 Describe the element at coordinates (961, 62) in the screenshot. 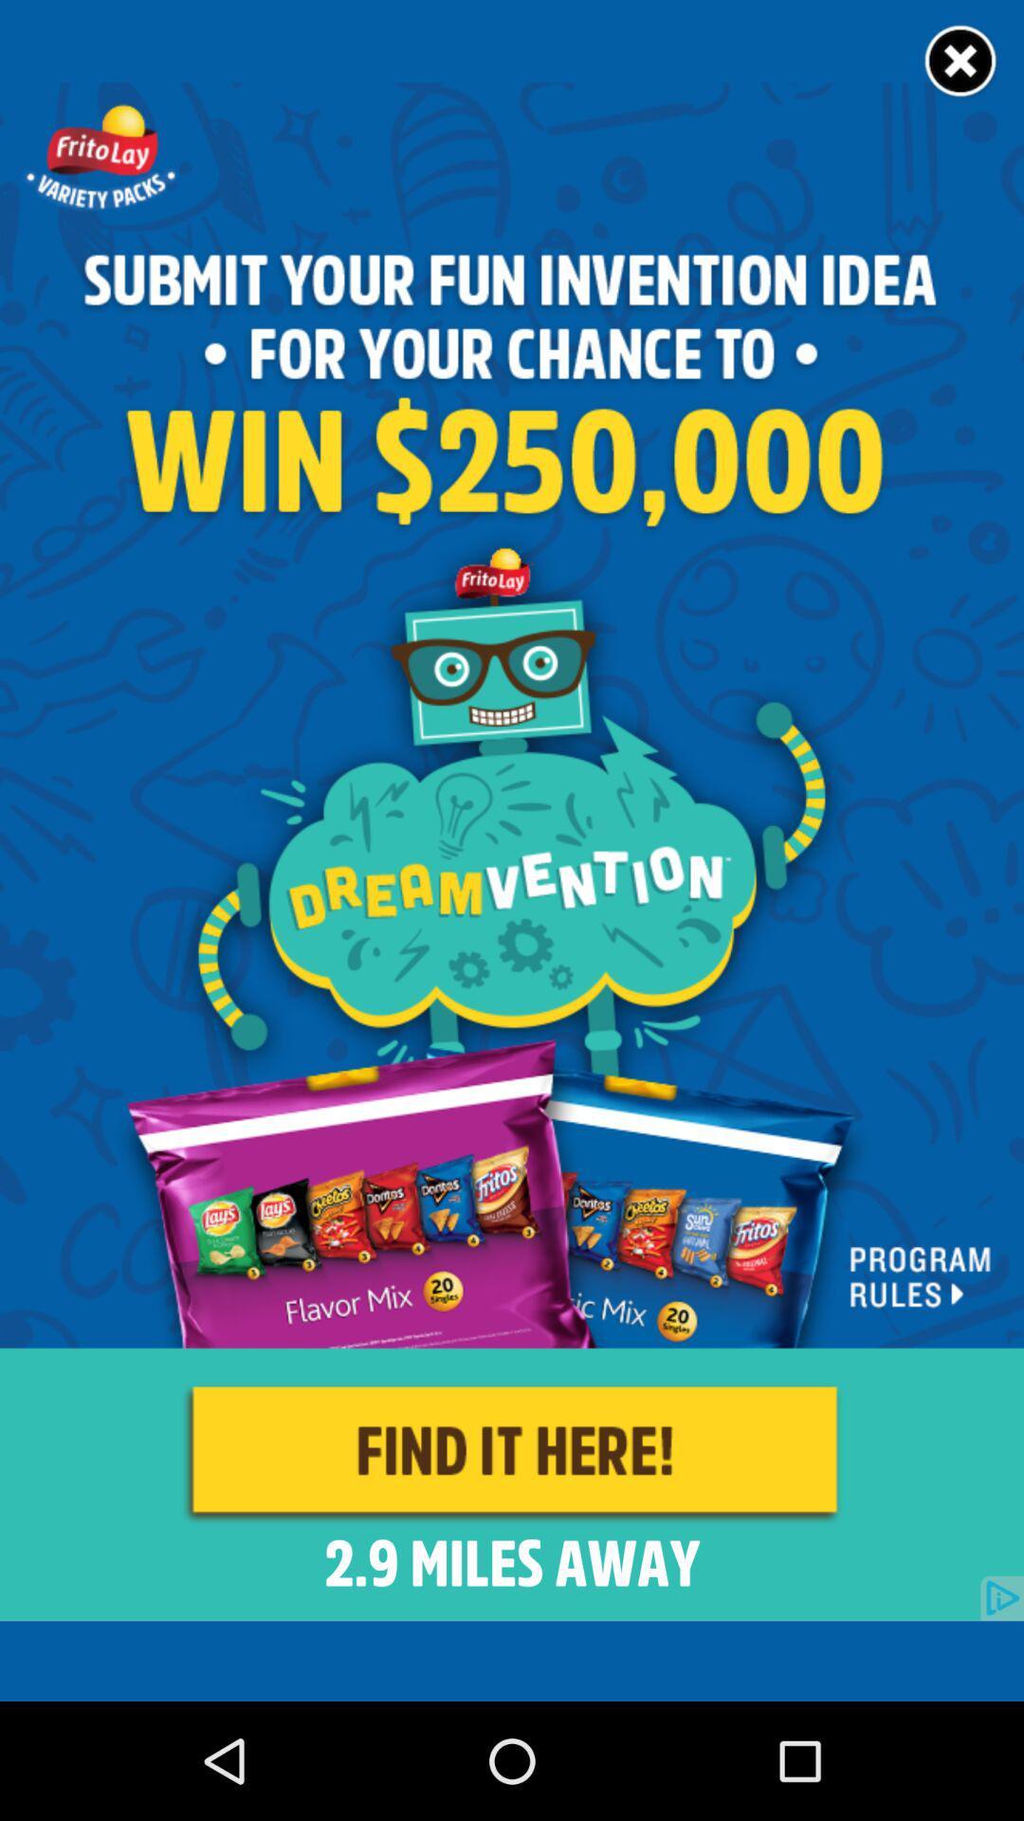

I see `advertisement close button` at that location.